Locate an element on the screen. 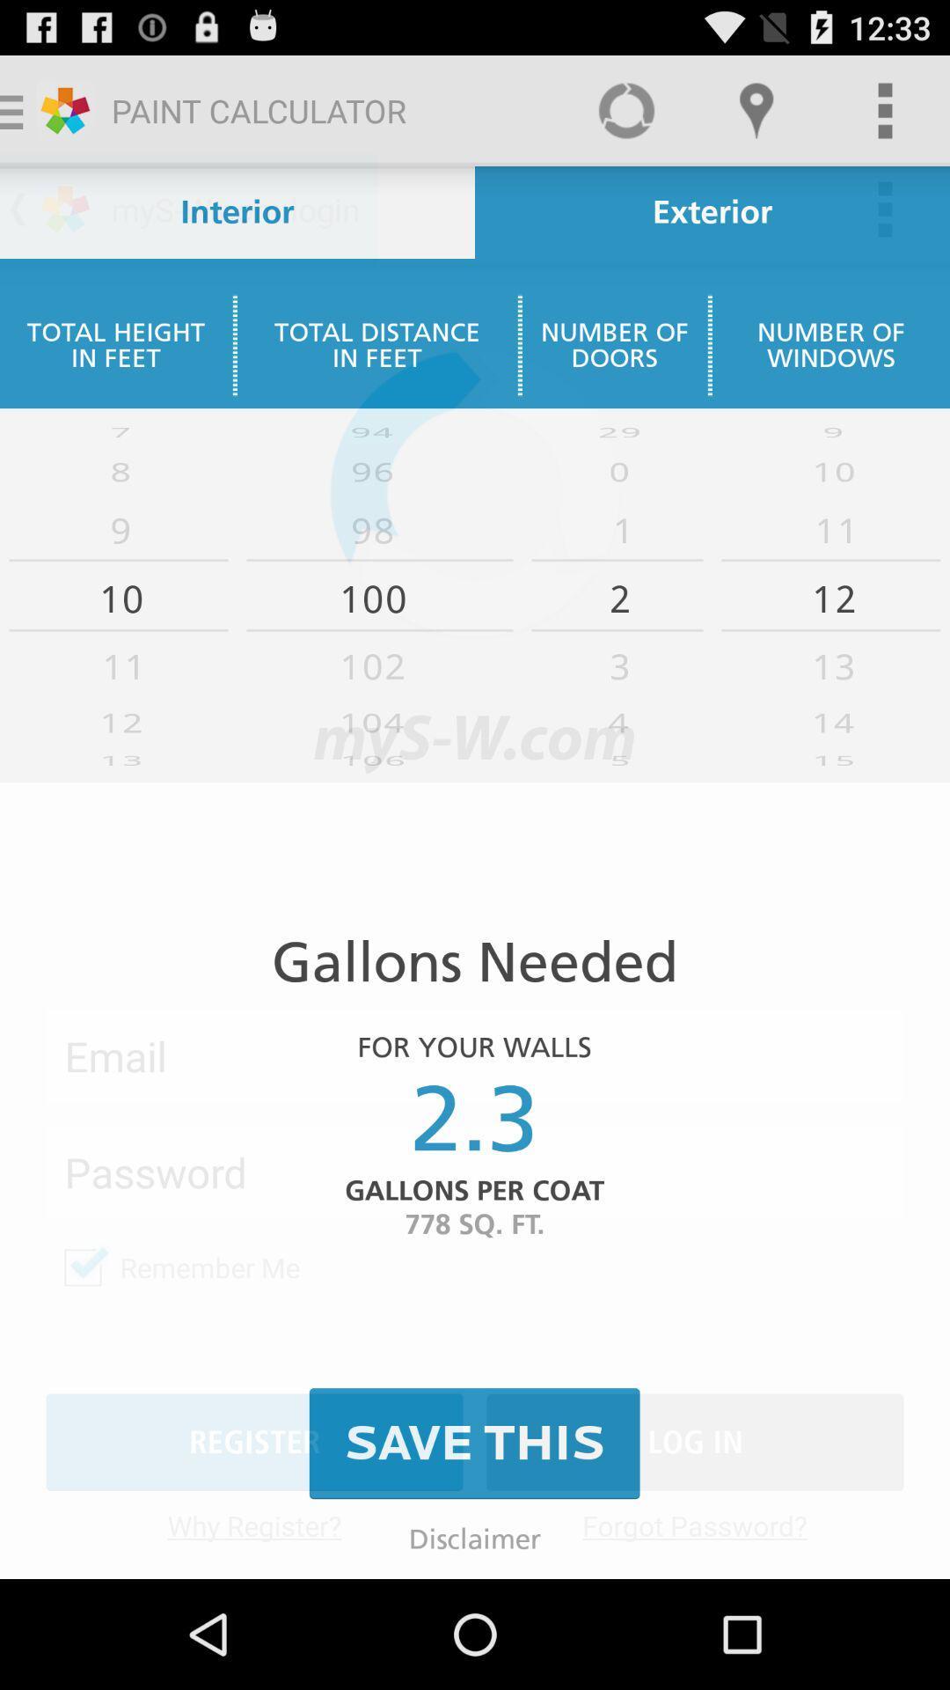 The width and height of the screenshot is (950, 1690). the circle recycle option to the left of loacation option is located at coordinates (625, 109).